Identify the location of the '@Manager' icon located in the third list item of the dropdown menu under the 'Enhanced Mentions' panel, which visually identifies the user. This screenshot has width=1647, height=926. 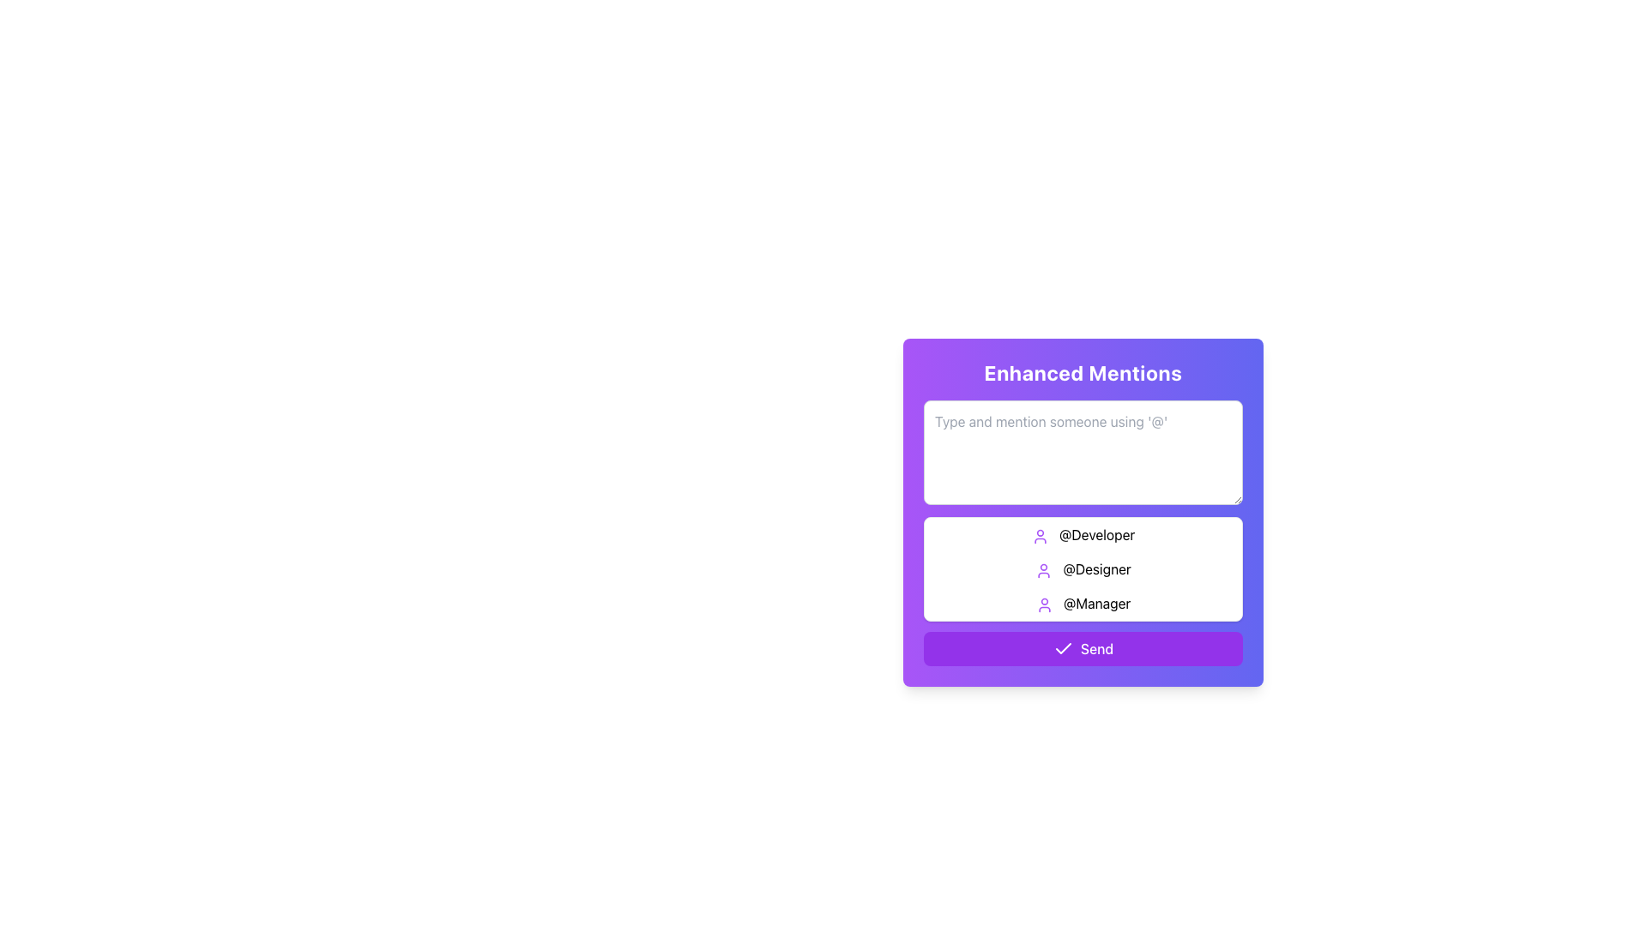
(1043, 604).